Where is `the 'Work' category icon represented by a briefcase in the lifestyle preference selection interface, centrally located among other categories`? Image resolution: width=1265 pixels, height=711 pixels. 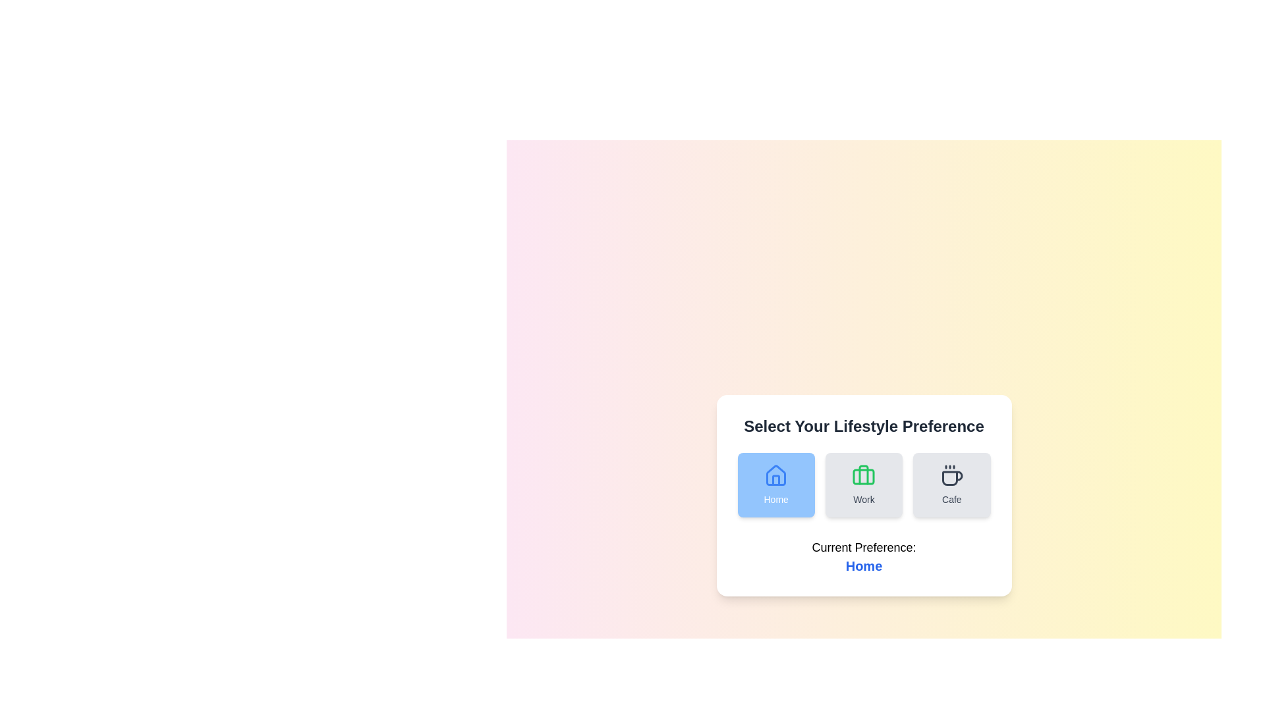
the 'Work' category icon represented by a briefcase in the lifestyle preference selection interface, centrally located among other categories is located at coordinates (864, 475).